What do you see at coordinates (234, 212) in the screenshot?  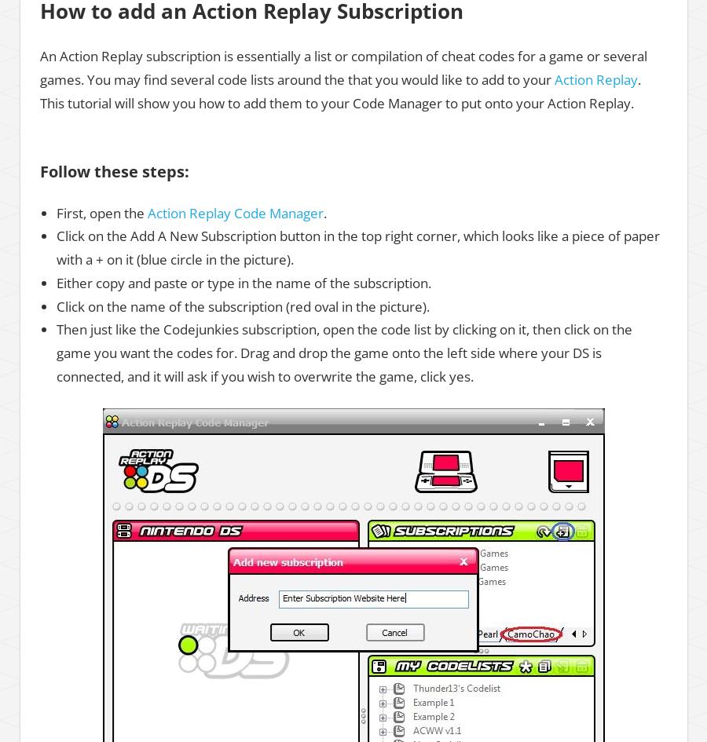 I see `'Action Replay Code Manager'` at bounding box center [234, 212].